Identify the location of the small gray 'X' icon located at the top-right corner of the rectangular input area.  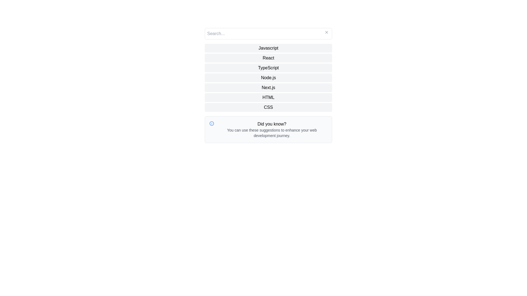
(327, 32).